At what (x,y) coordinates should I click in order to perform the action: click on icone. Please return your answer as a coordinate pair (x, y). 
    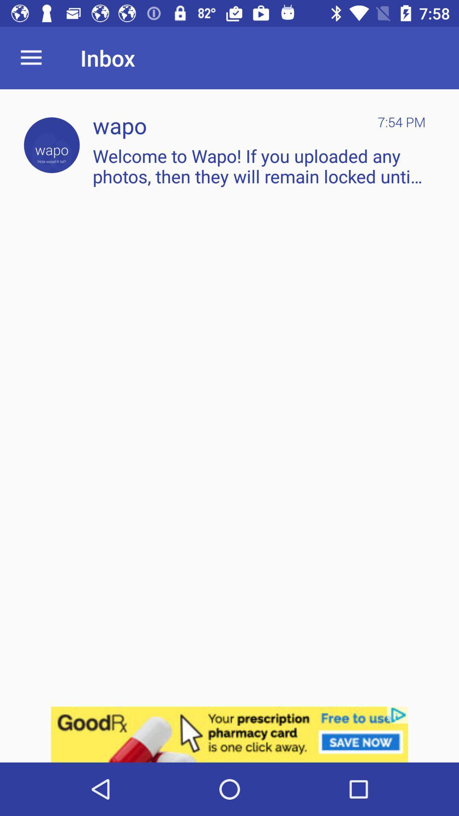
    Looking at the image, I should click on (229, 734).